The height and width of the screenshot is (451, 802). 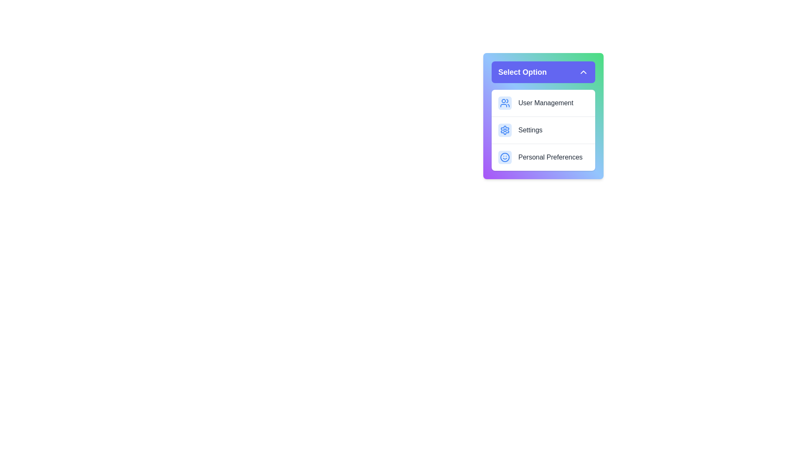 I want to click on the settings icon, represented by a cogwheel shape, located in the dropdown menu below the 'Select Option' header, so click(x=505, y=130).